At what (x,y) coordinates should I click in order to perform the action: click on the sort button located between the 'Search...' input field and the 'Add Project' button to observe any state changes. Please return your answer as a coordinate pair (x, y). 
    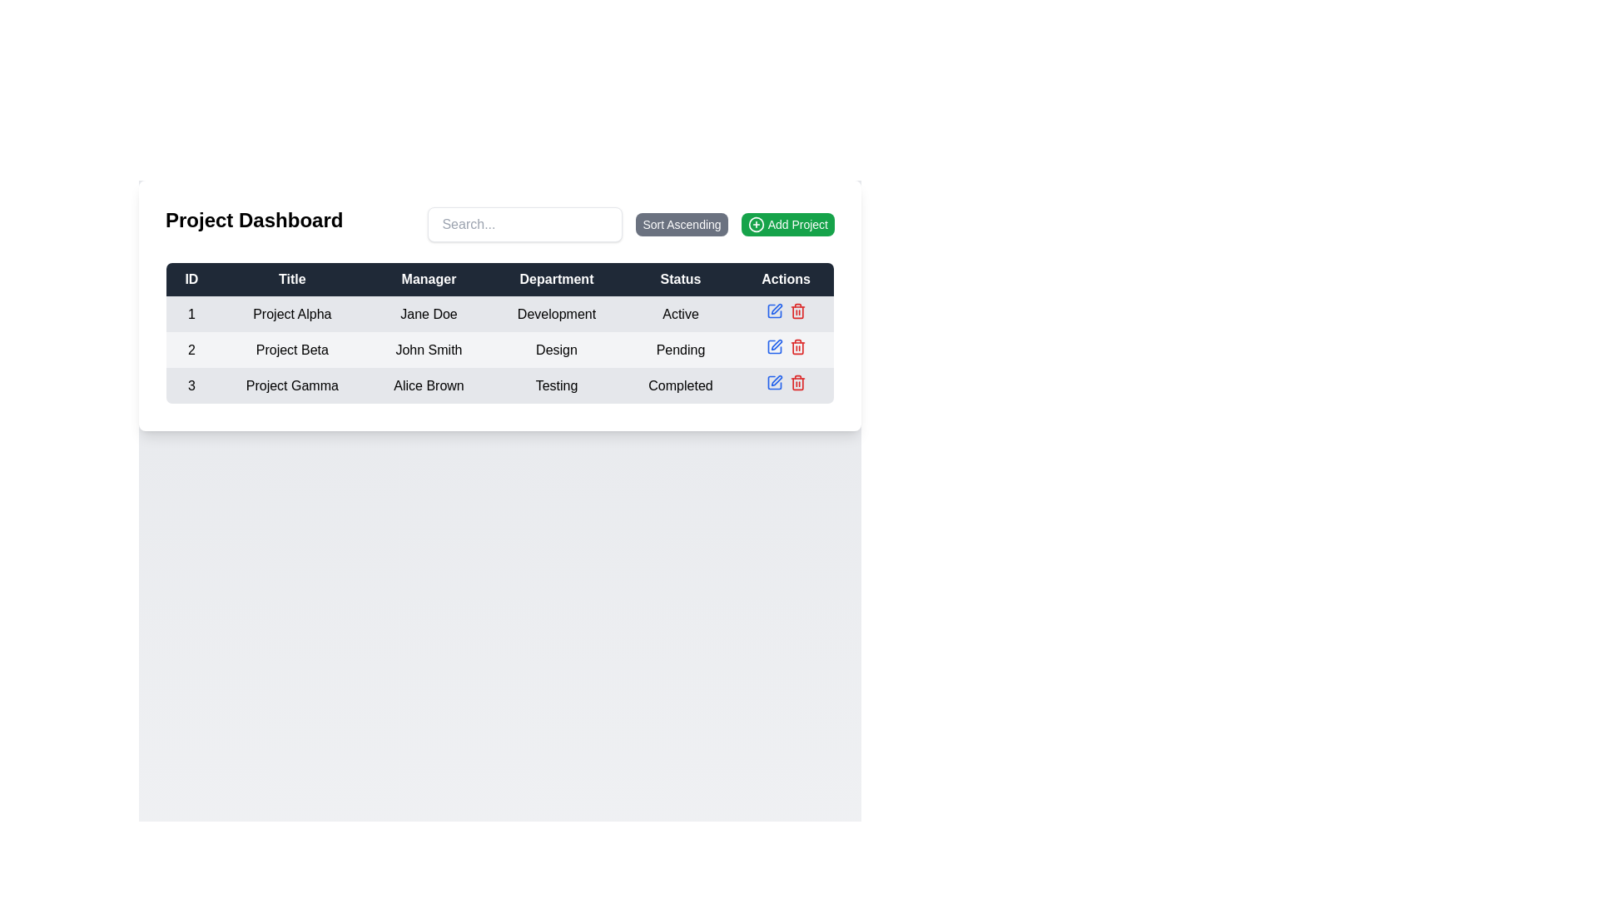
    Looking at the image, I should click on (682, 225).